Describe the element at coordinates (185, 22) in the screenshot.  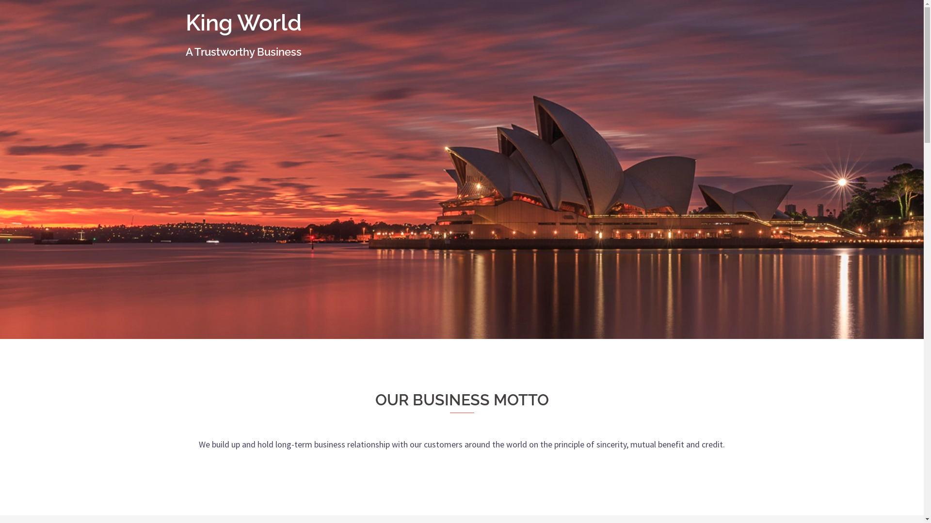
I see `'King World'` at that location.